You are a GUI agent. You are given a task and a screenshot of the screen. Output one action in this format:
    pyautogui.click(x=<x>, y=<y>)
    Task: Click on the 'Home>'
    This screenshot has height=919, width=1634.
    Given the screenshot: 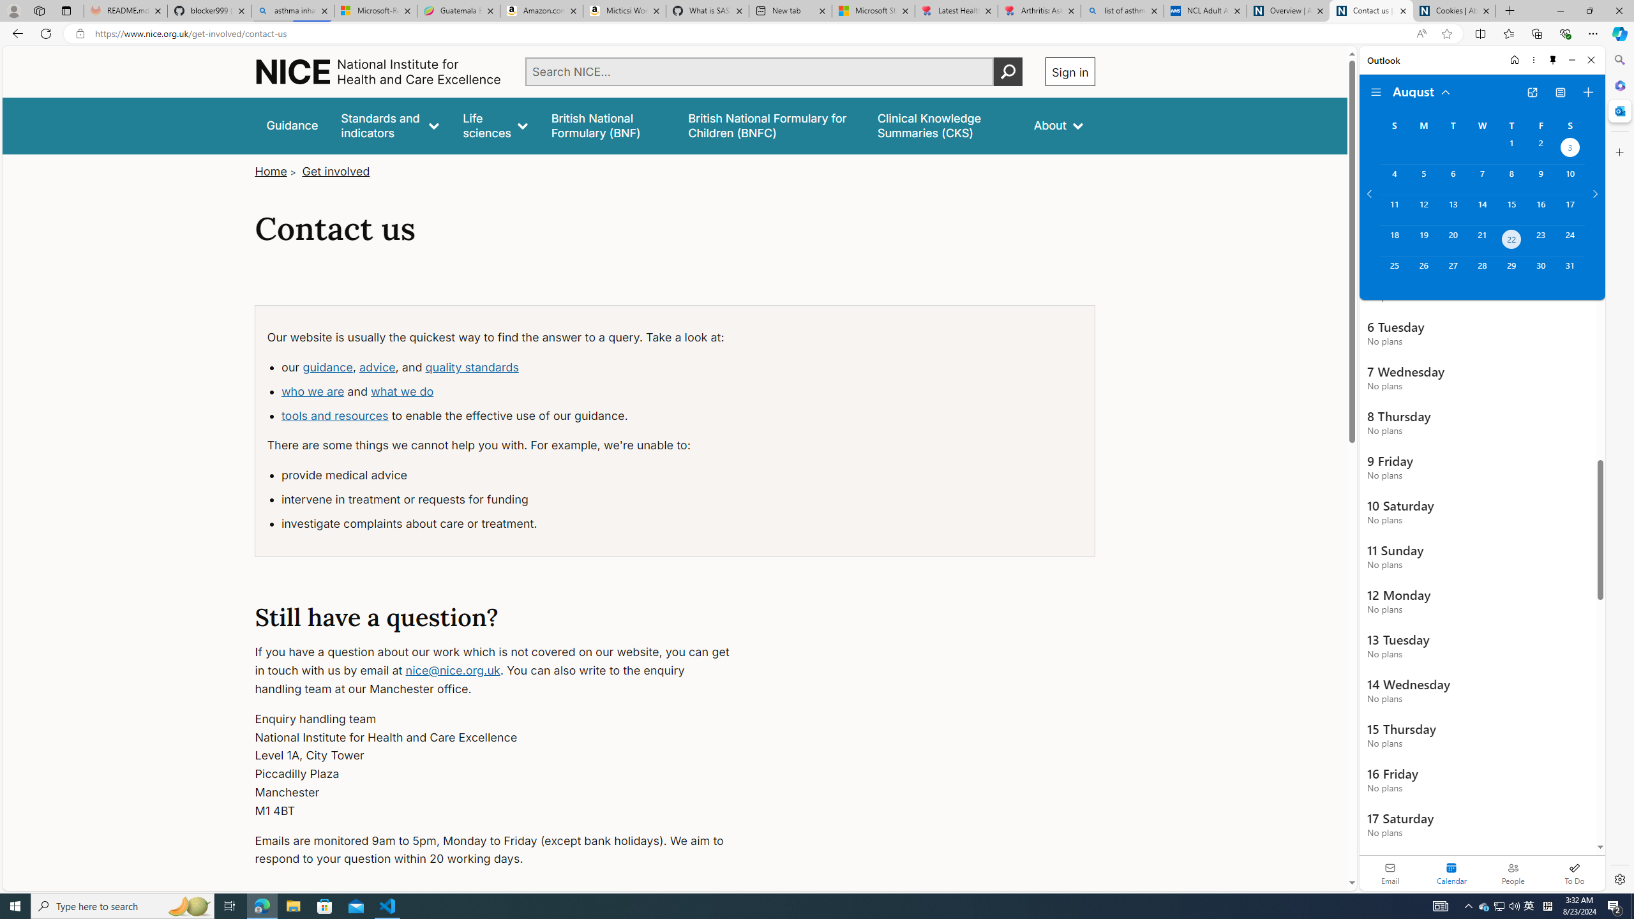 What is the action you would take?
    pyautogui.click(x=276, y=171)
    